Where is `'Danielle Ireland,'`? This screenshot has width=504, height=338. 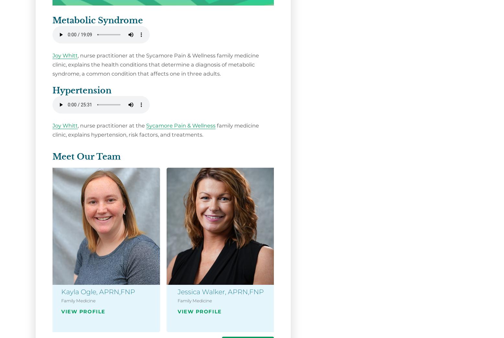
'Danielle Ireland,' is located at coordinates (436, 291).